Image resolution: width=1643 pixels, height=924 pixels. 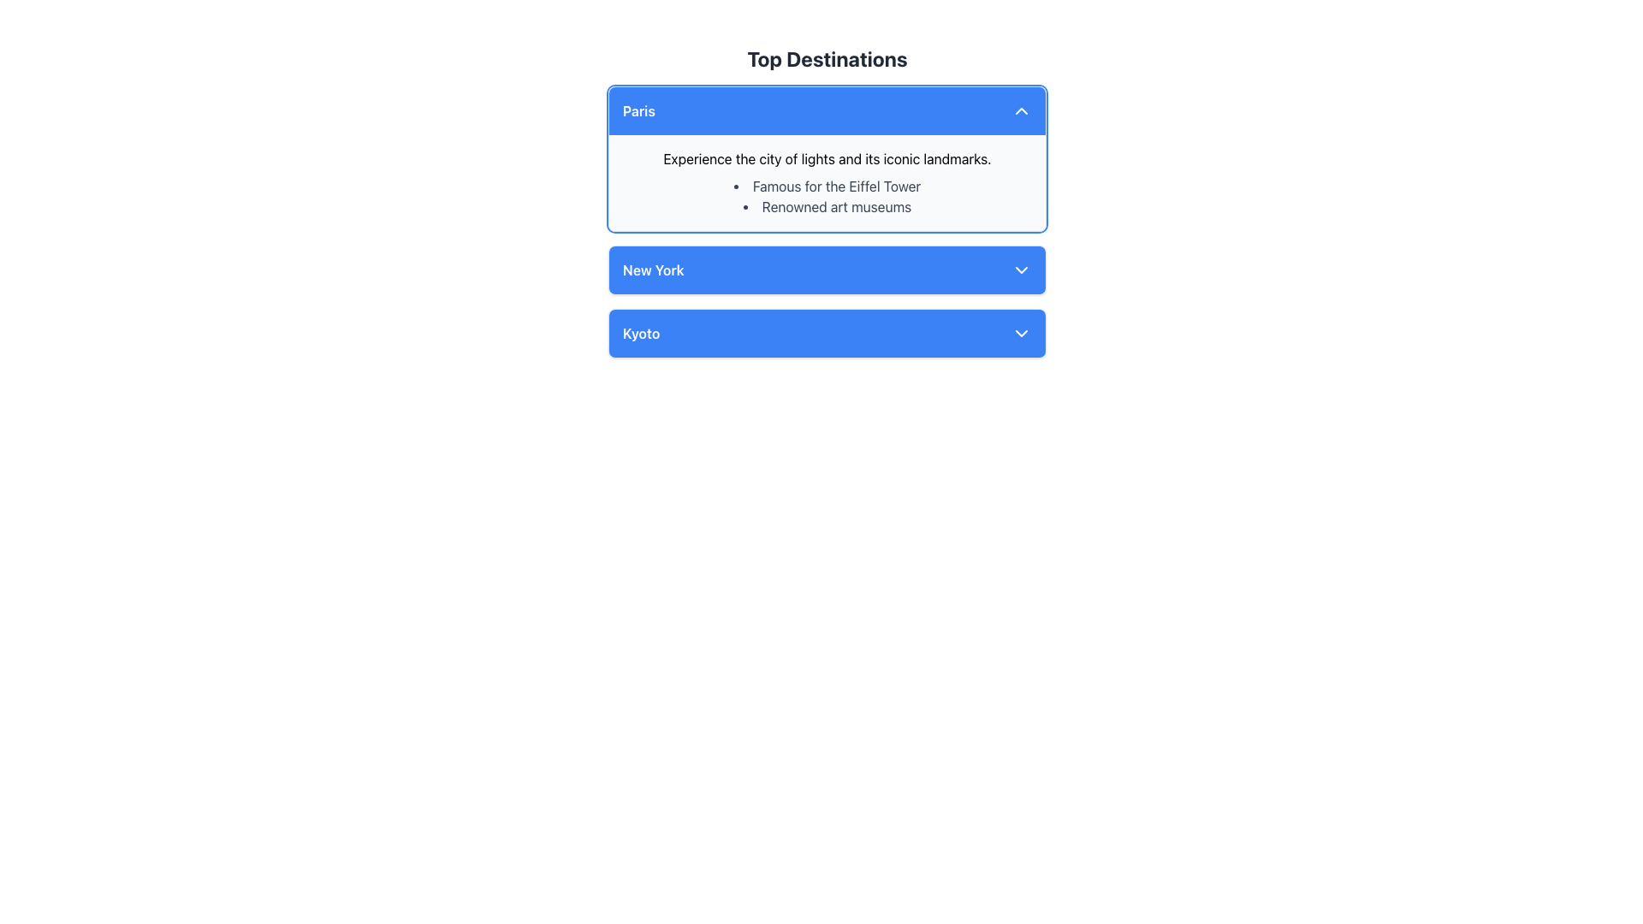 What do you see at coordinates (827, 269) in the screenshot?
I see `the blue button labeled 'New York'` at bounding box center [827, 269].